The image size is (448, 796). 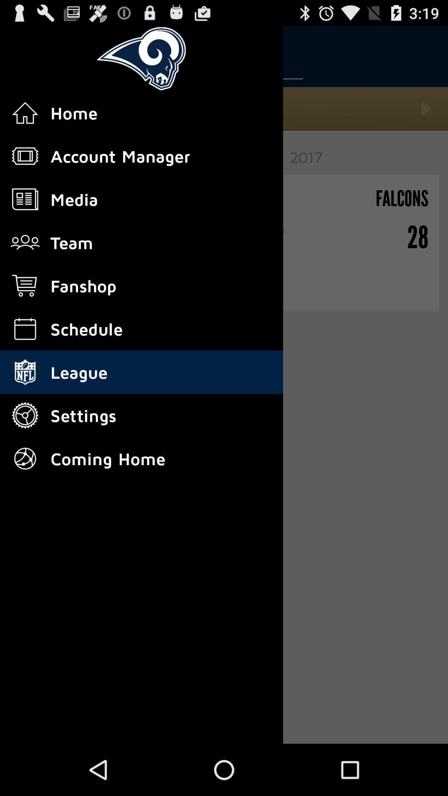 I want to click on the home icon, so click(x=21, y=116).